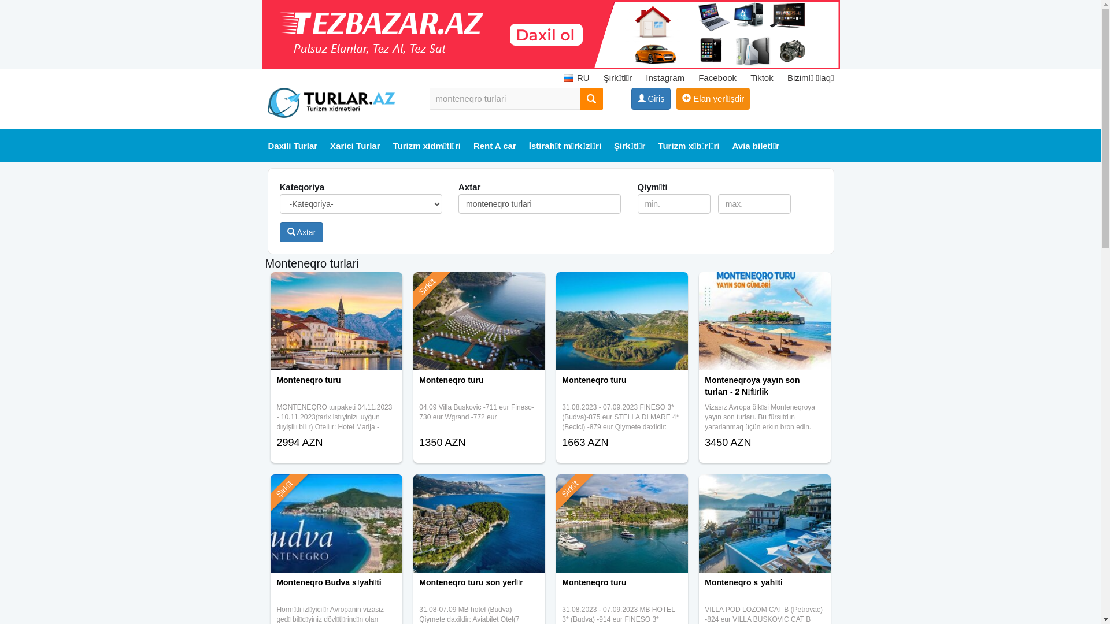  Describe the element at coordinates (665, 77) in the screenshot. I see `'Instagram'` at that location.